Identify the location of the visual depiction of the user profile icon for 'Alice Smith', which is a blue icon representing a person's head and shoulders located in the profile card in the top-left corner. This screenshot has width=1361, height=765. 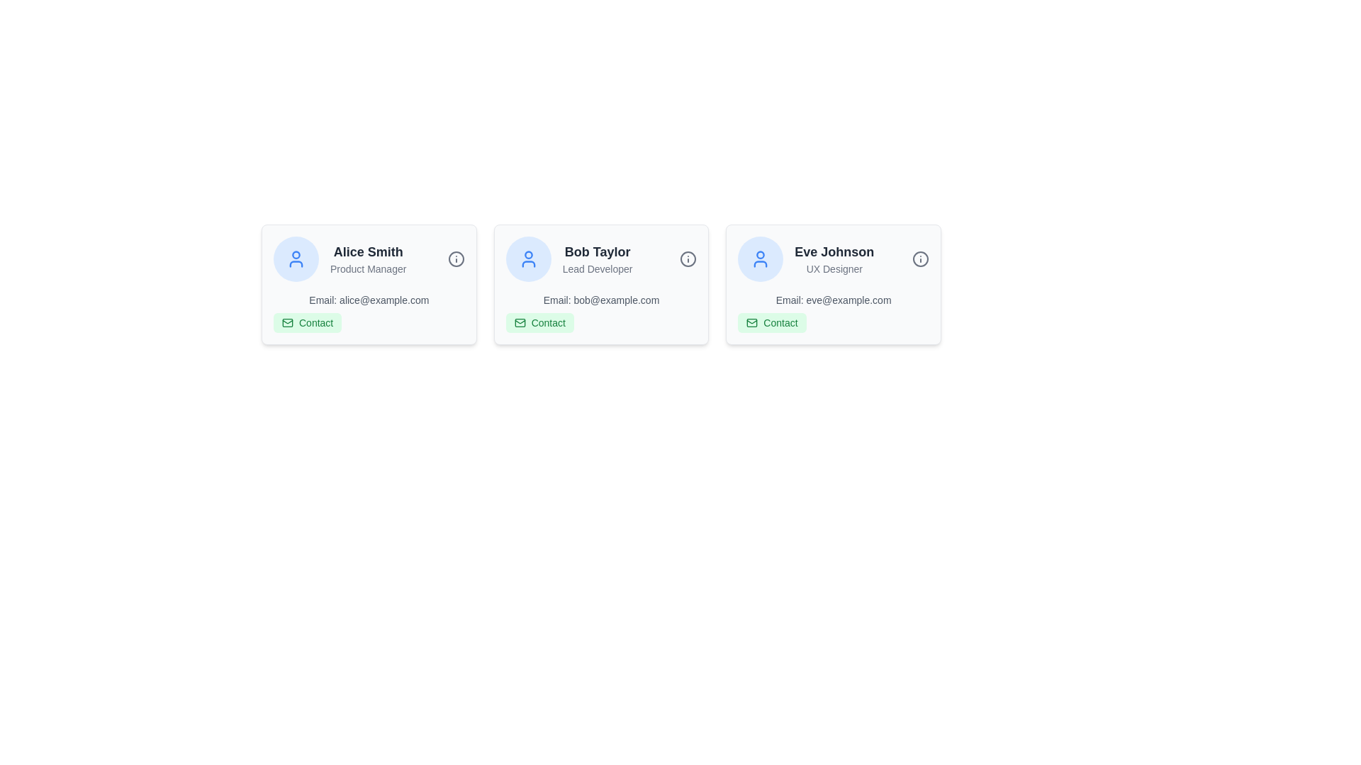
(295, 264).